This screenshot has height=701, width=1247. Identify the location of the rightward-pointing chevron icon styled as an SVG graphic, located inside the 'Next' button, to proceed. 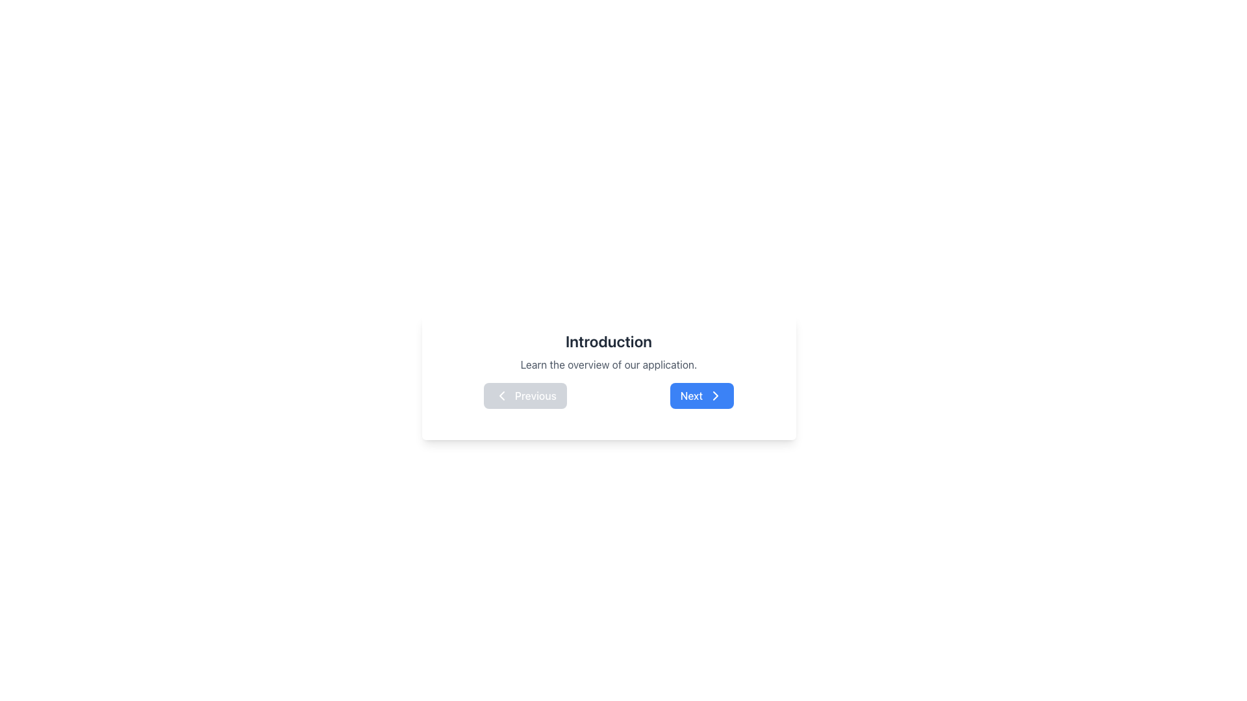
(715, 395).